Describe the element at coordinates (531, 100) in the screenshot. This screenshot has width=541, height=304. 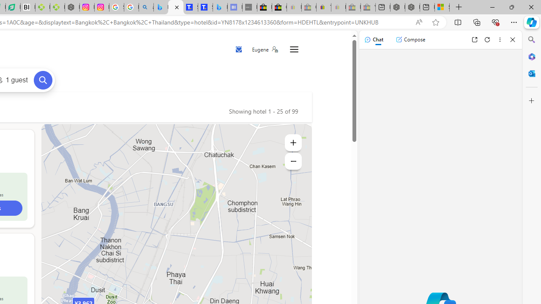
I see `'Customize'` at that location.